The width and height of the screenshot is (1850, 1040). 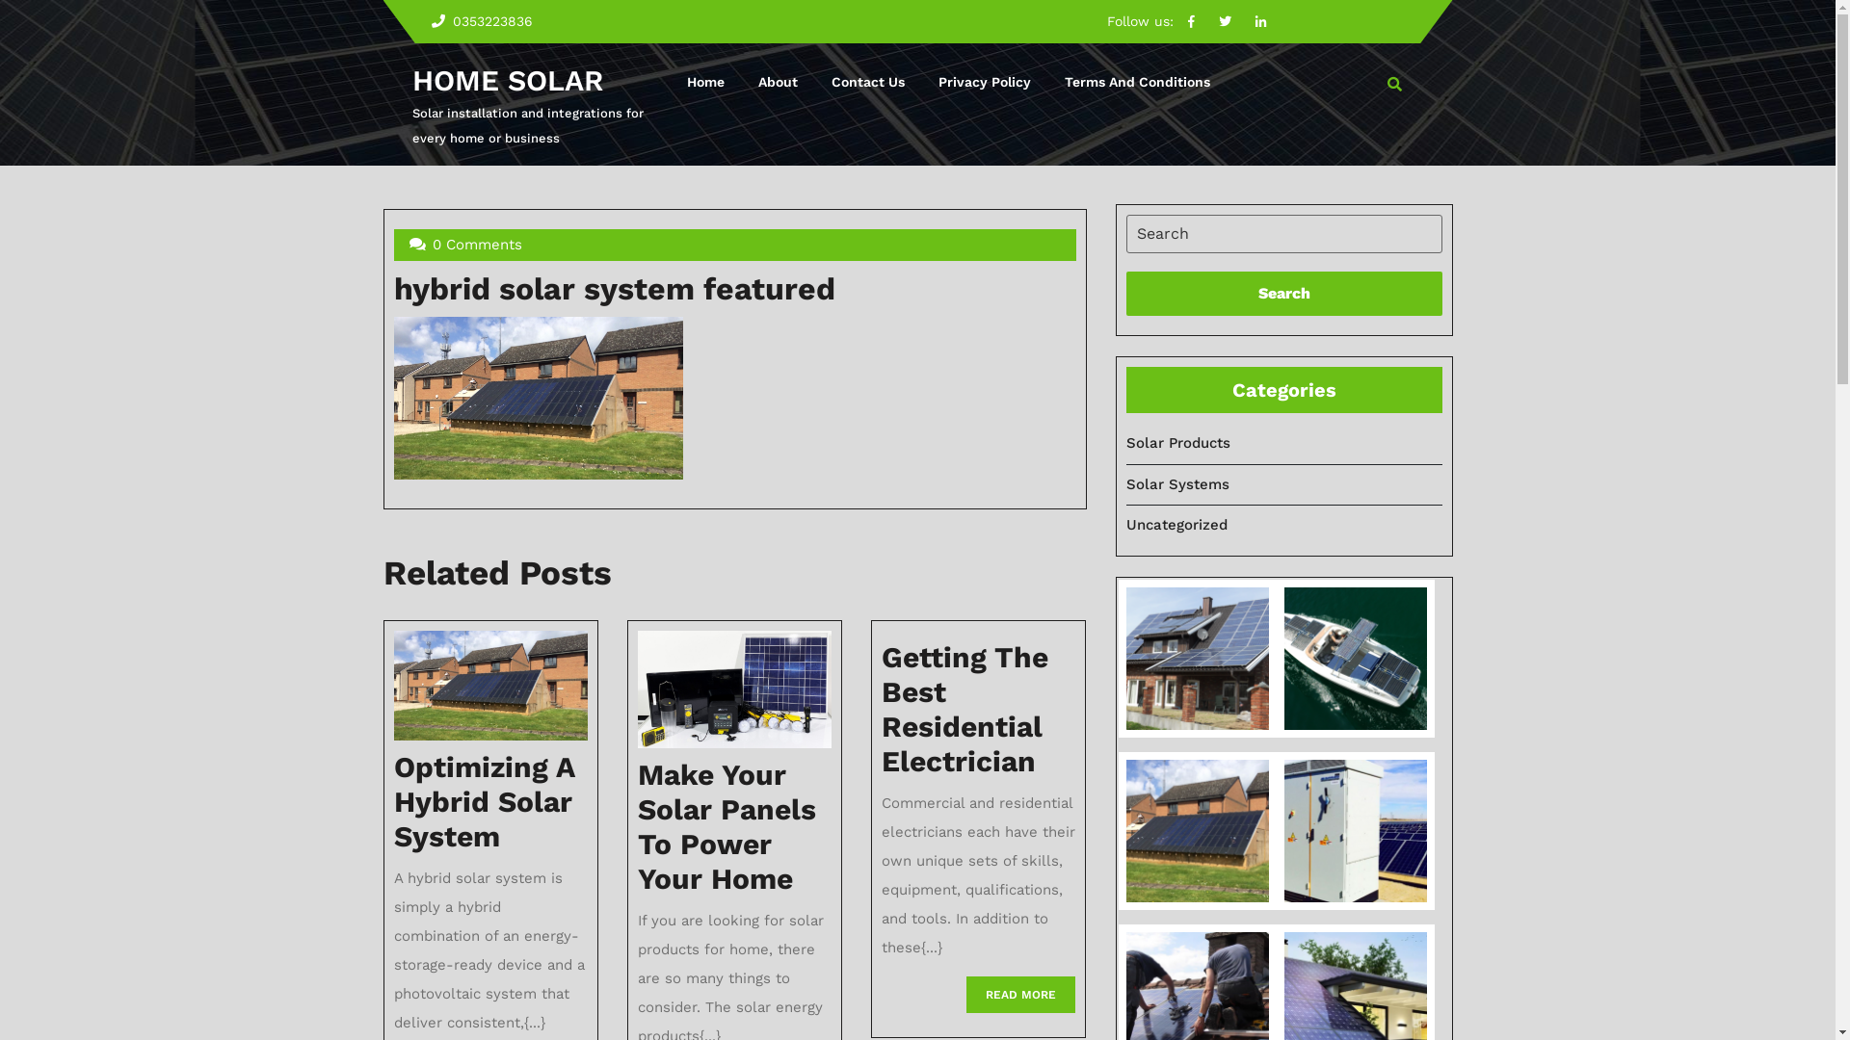 What do you see at coordinates (468, 21) in the screenshot?
I see `'0353223836` at bounding box center [468, 21].